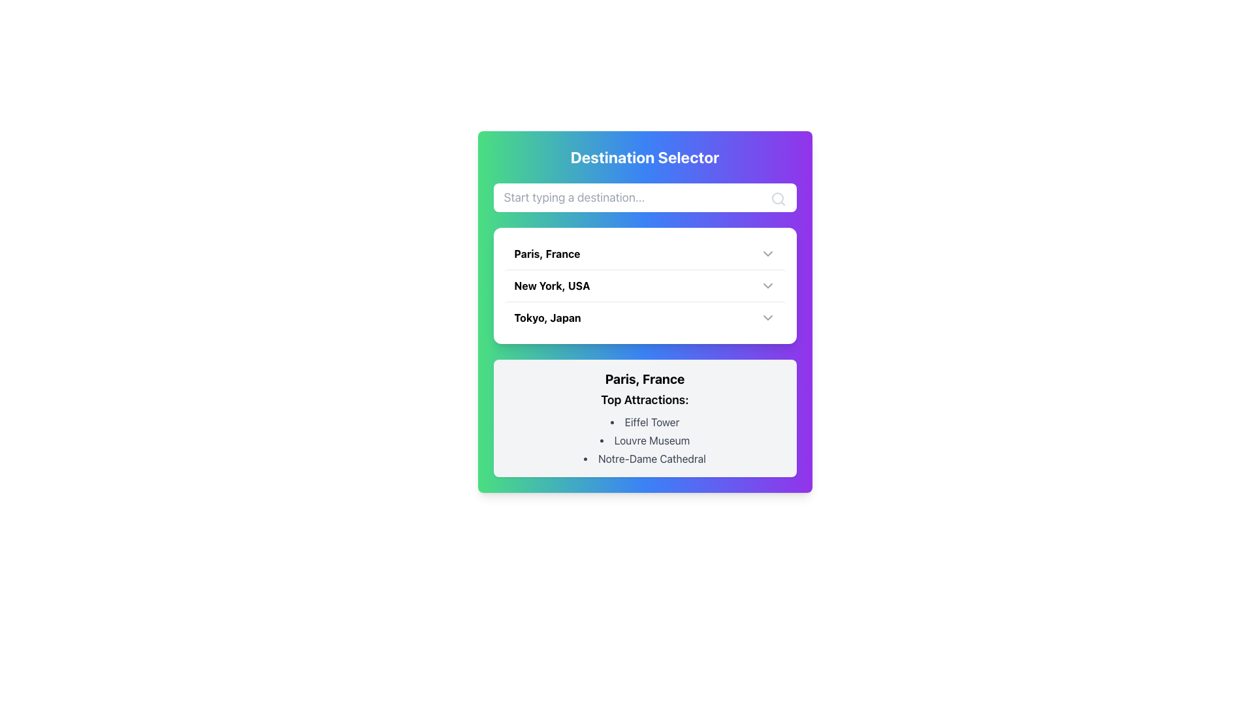 This screenshot has height=705, width=1254. I want to click on the bold text label reading 'Paris, France' to trigger a tooltip or highlight effect, so click(547, 254).